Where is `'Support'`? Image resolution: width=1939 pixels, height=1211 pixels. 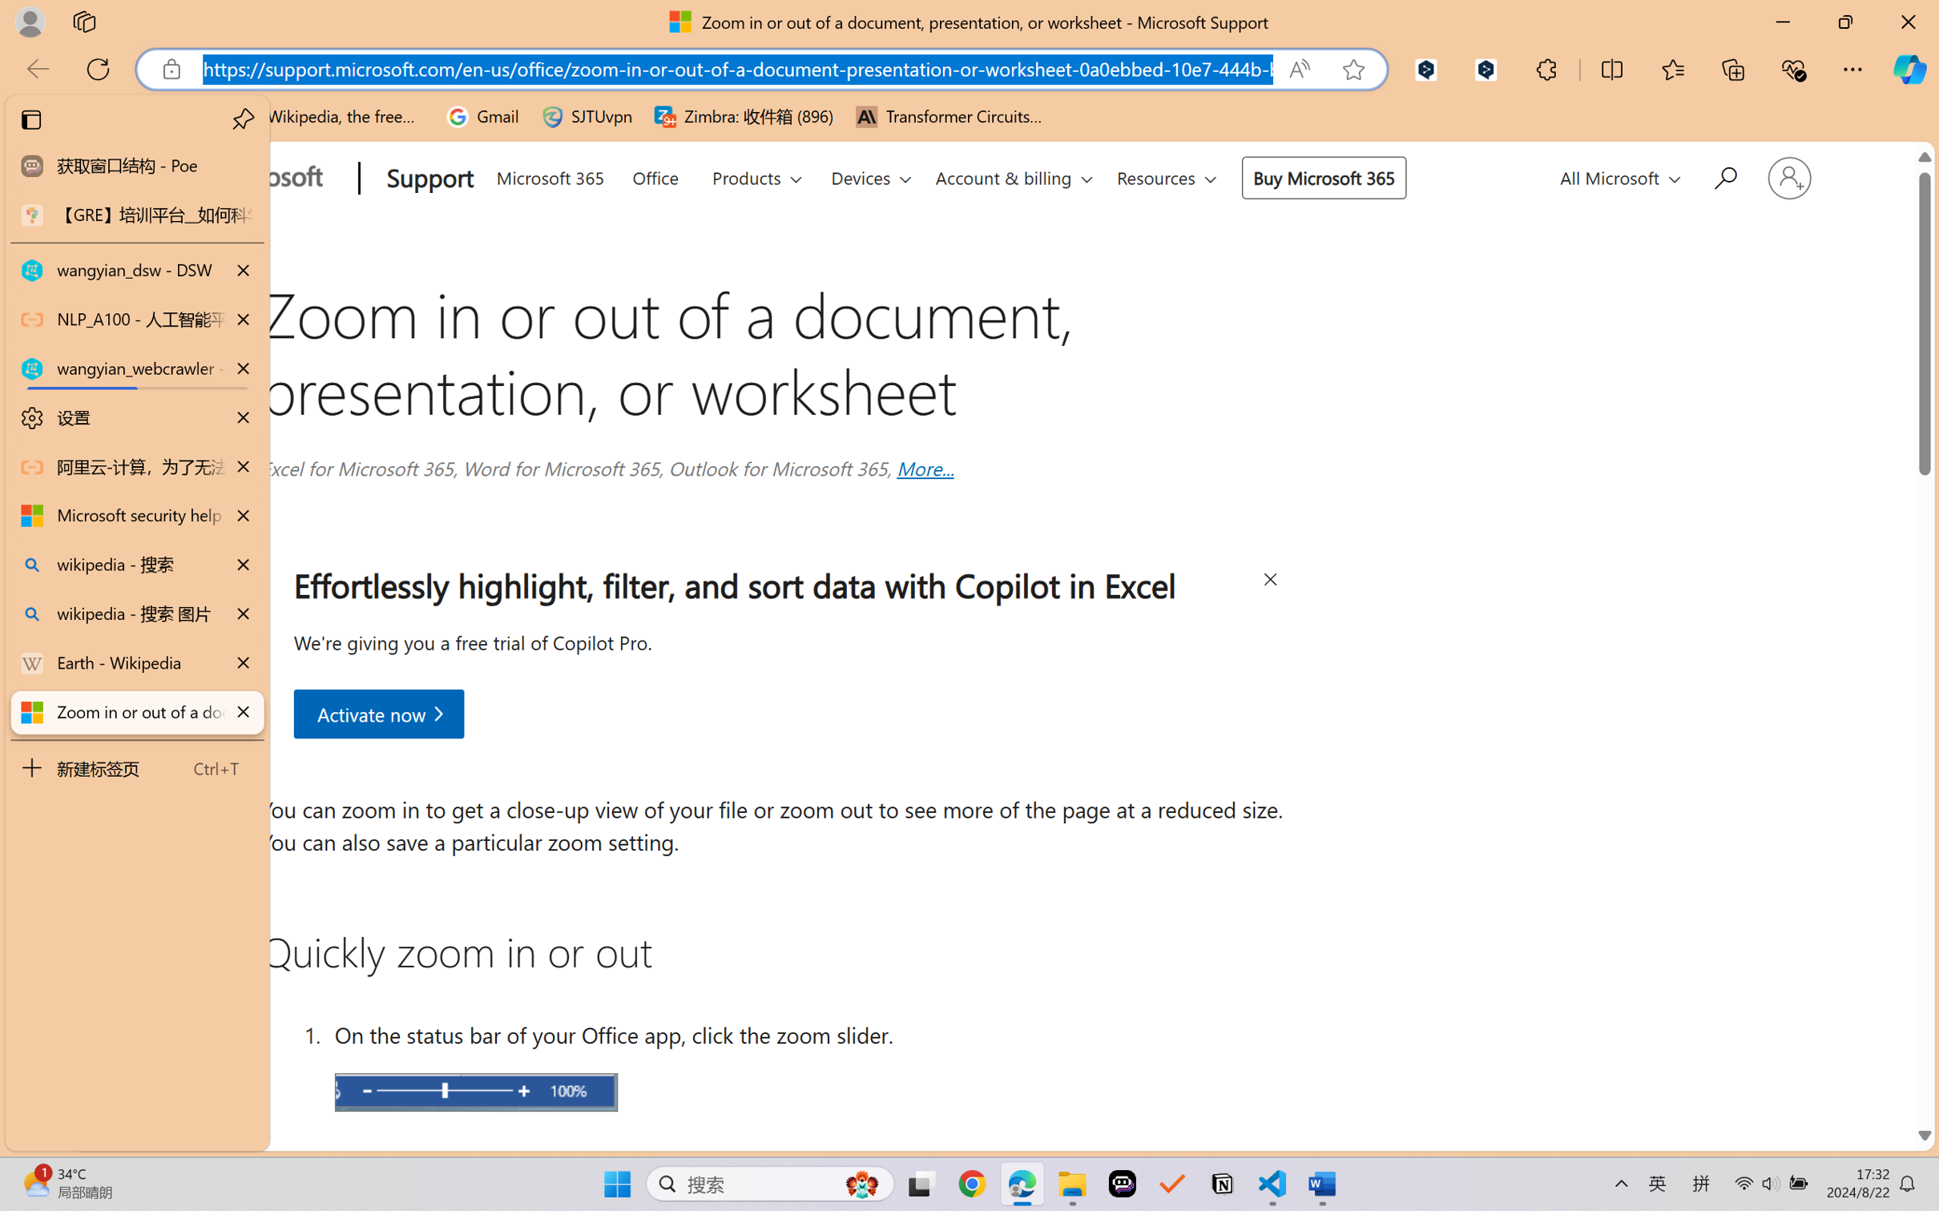
'Support' is located at coordinates (426, 179).